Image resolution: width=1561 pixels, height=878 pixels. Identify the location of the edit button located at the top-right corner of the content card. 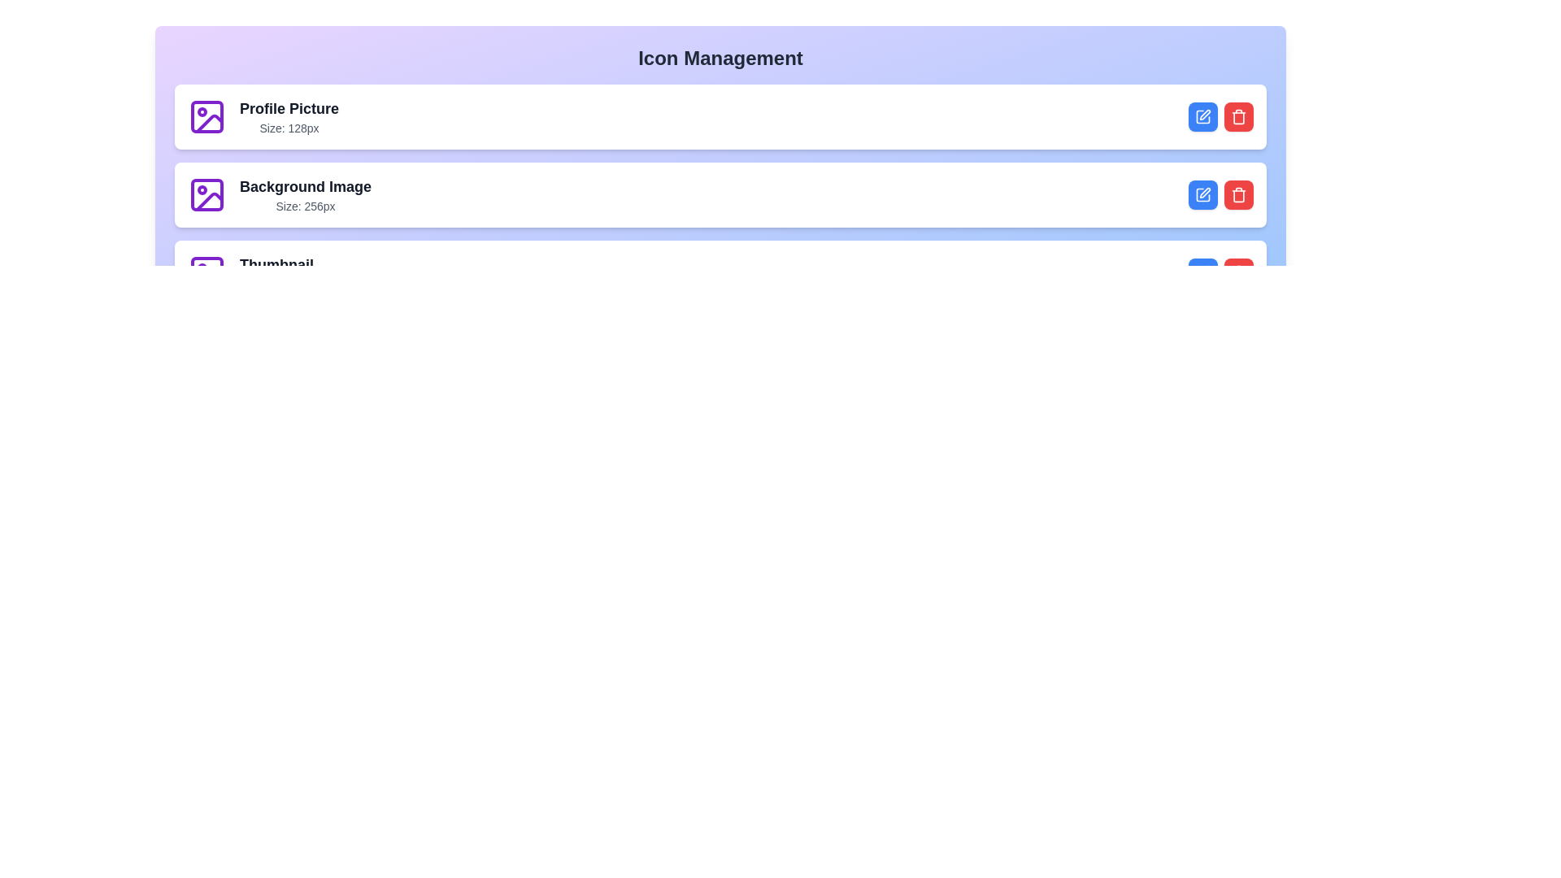
(1202, 115).